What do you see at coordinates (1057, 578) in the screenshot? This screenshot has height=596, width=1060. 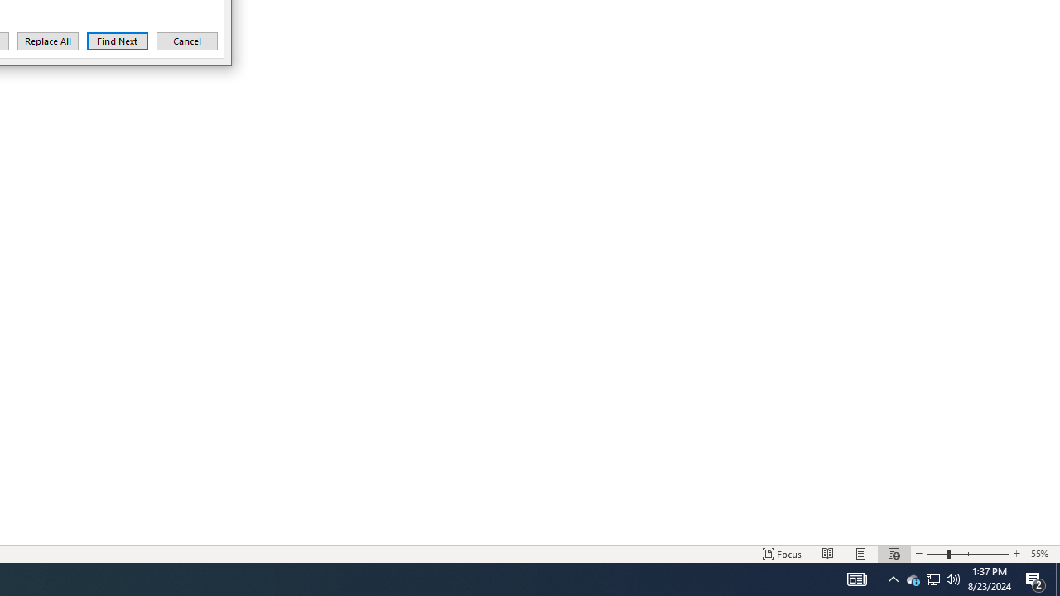 I see `'Zoom 55%'` at bounding box center [1057, 578].